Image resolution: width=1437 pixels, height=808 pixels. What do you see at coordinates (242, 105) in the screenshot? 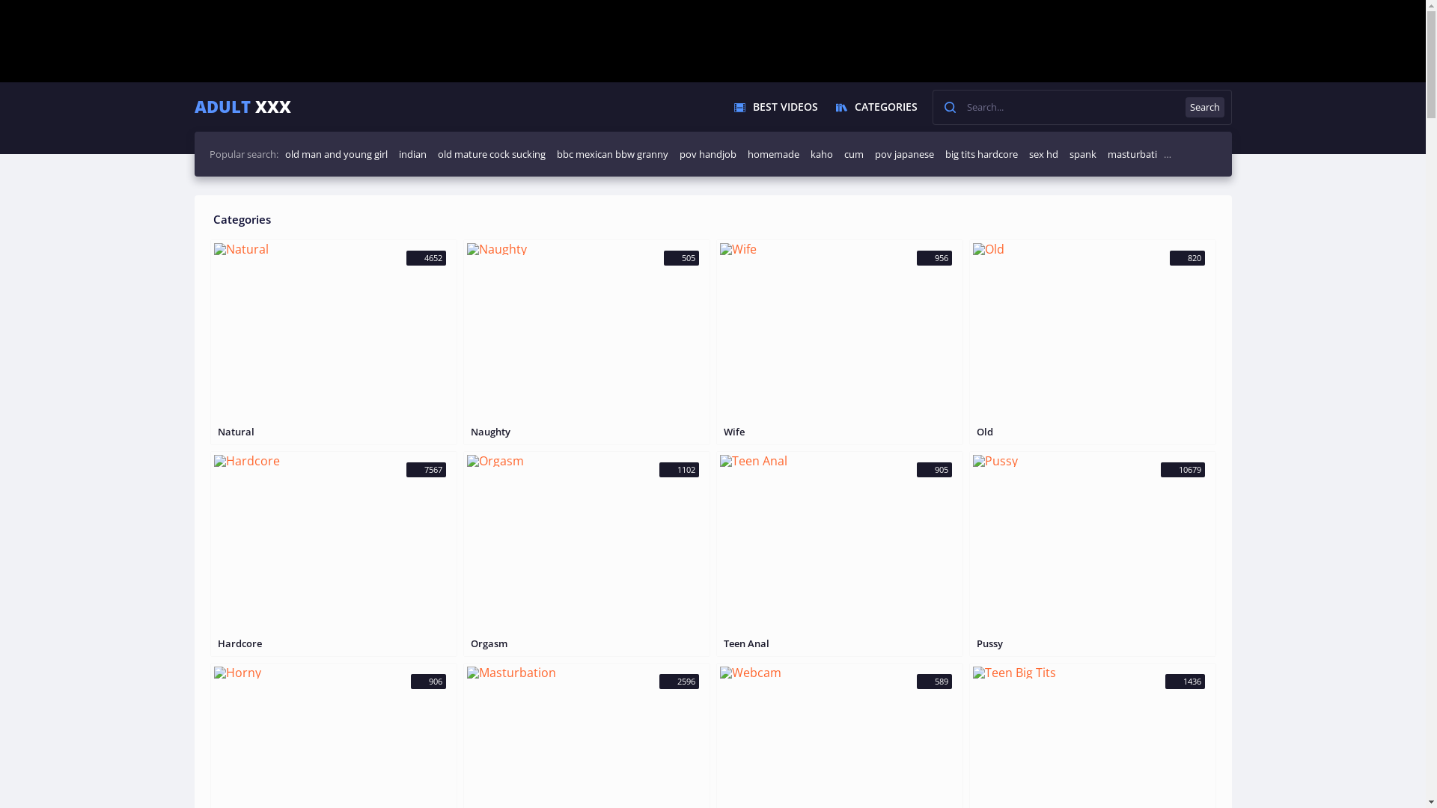
I see `'ADULT XXX'` at bounding box center [242, 105].